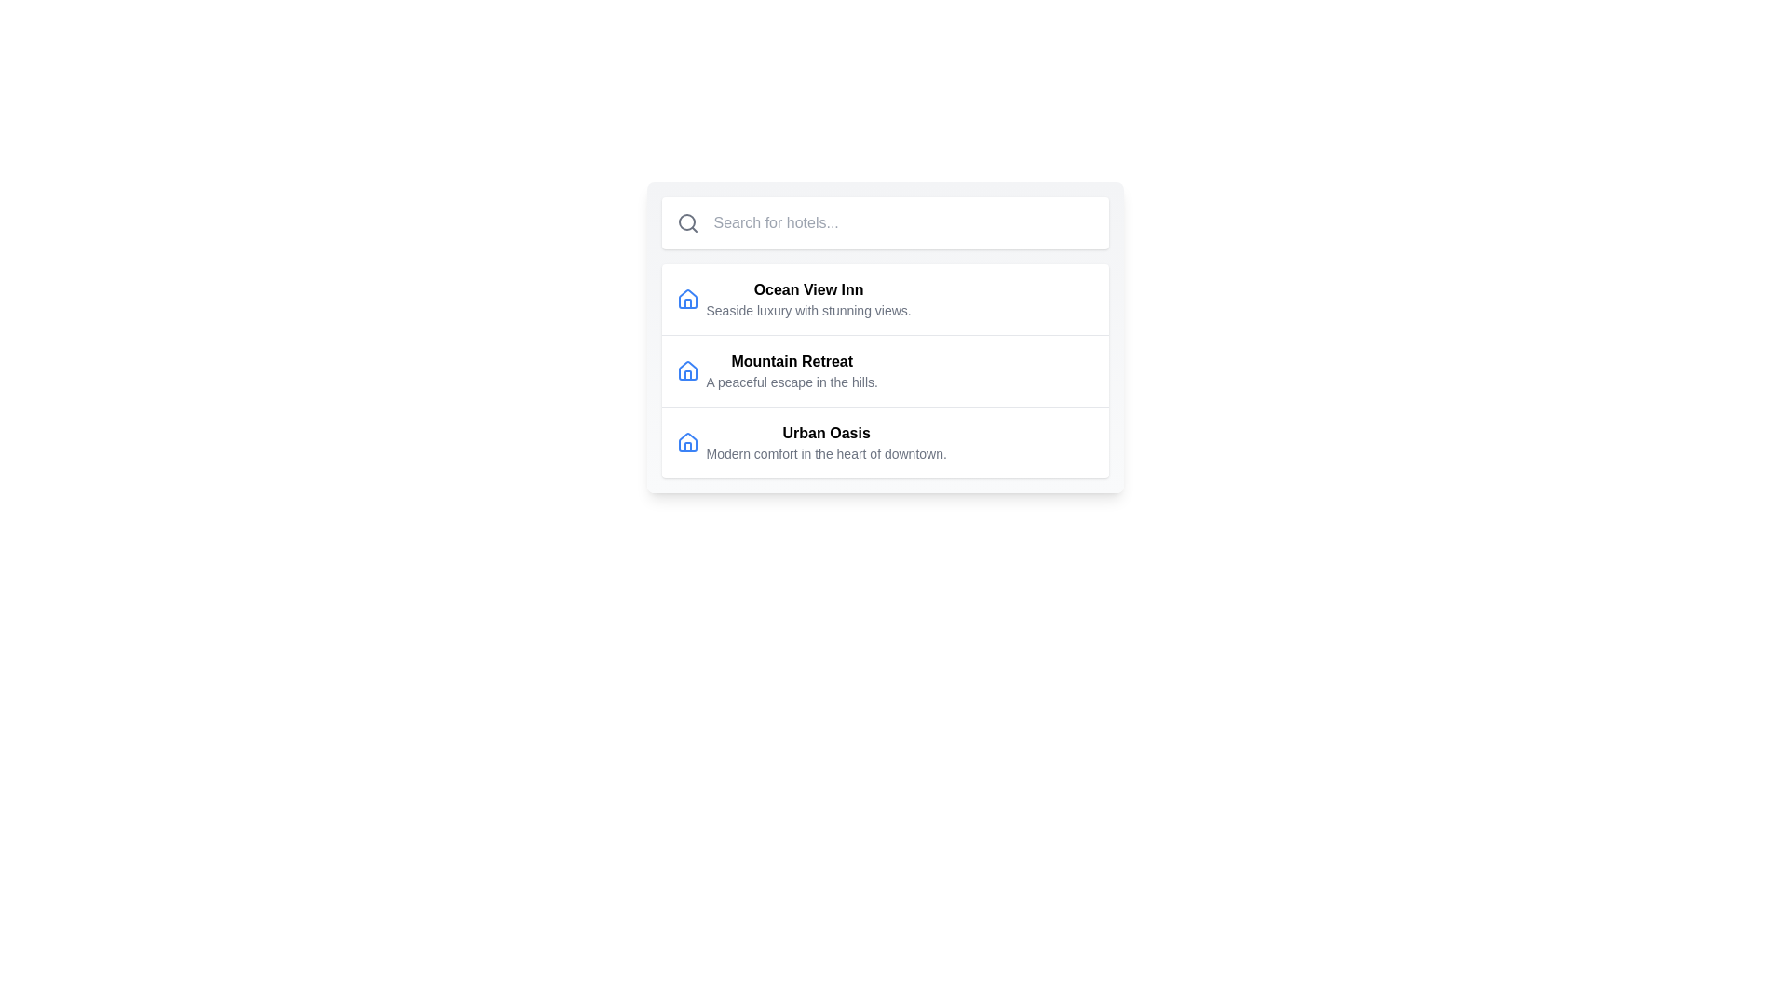 This screenshot has height=1005, width=1788. What do you see at coordinates (792, 382) in the screenshot?
I see `the static text reading 'A peaceful escape in the hills.' which is styled in a small font size and light gray color, located directly beneath the title text 'Mountain Retreat'` at bounding box center [792, 382].